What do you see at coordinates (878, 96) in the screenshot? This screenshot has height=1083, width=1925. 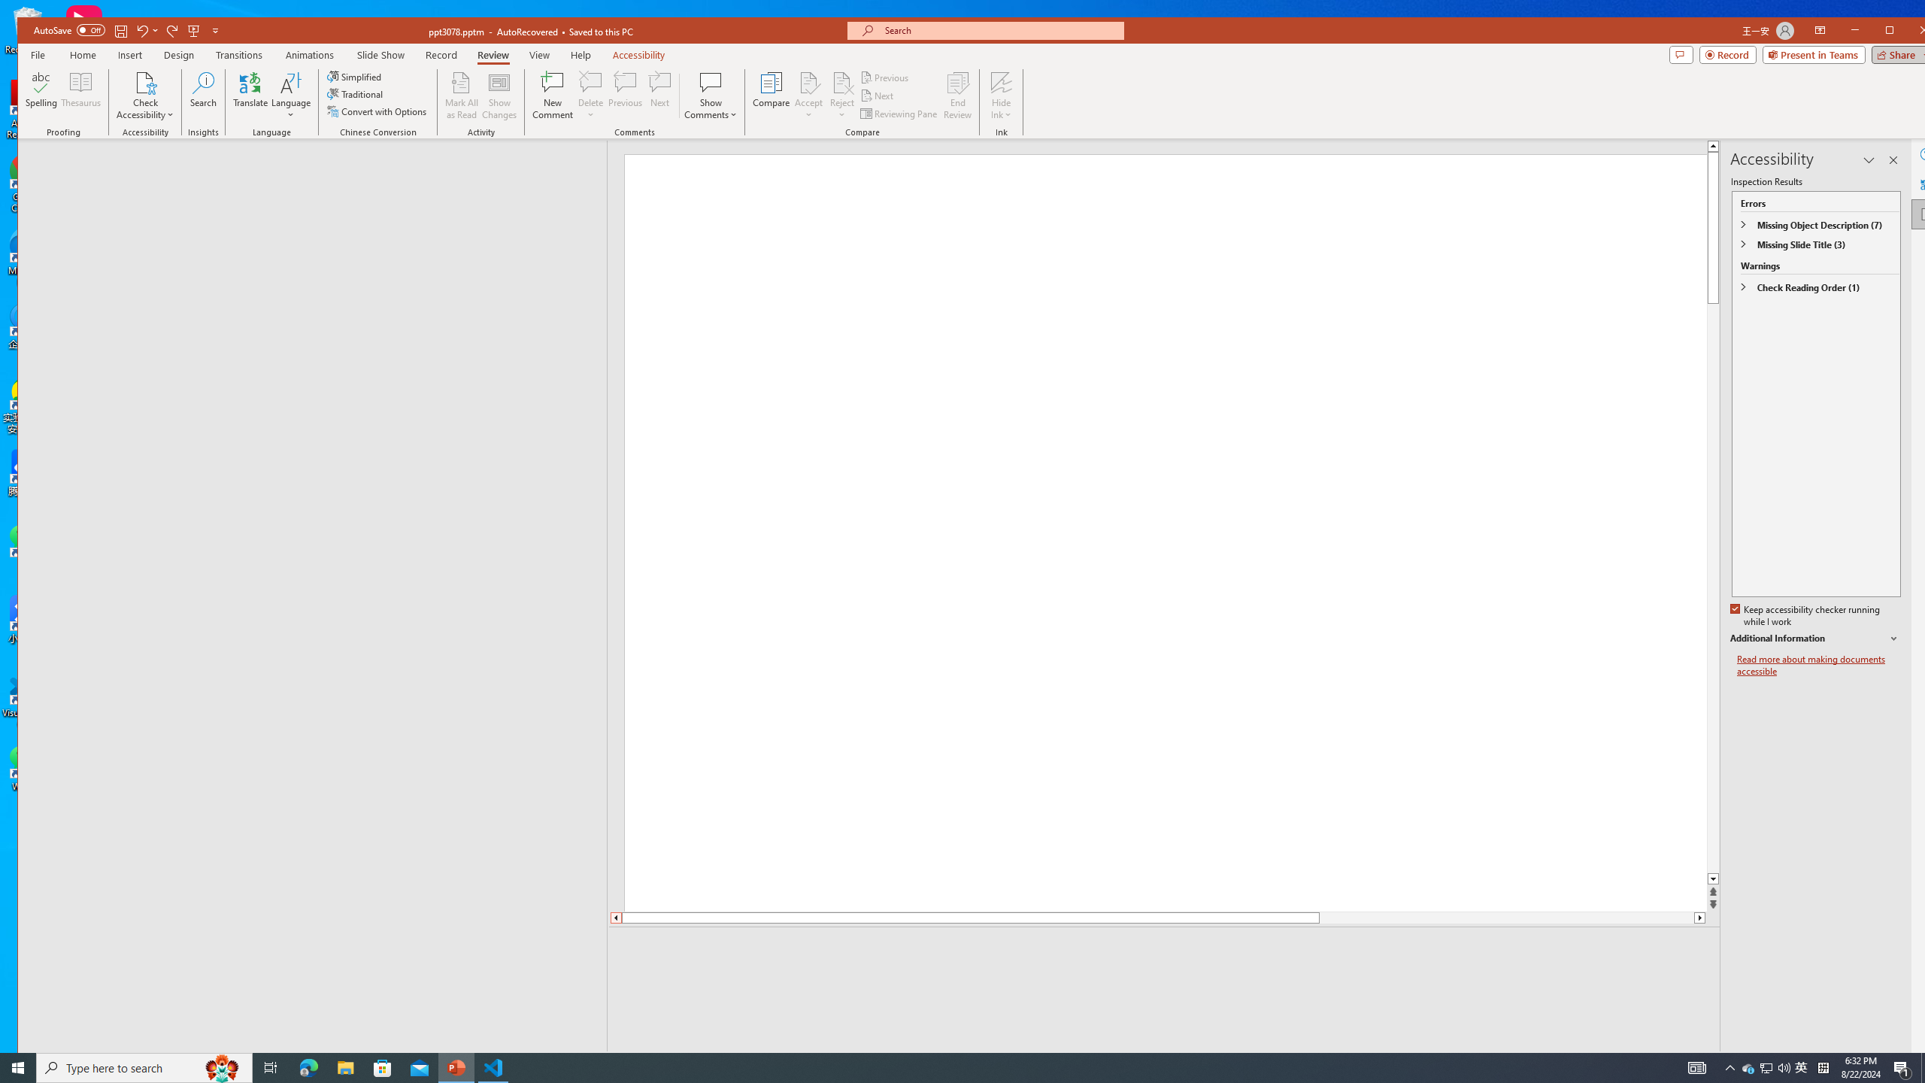 I see `'Next'` at bounding box center [878, 96].